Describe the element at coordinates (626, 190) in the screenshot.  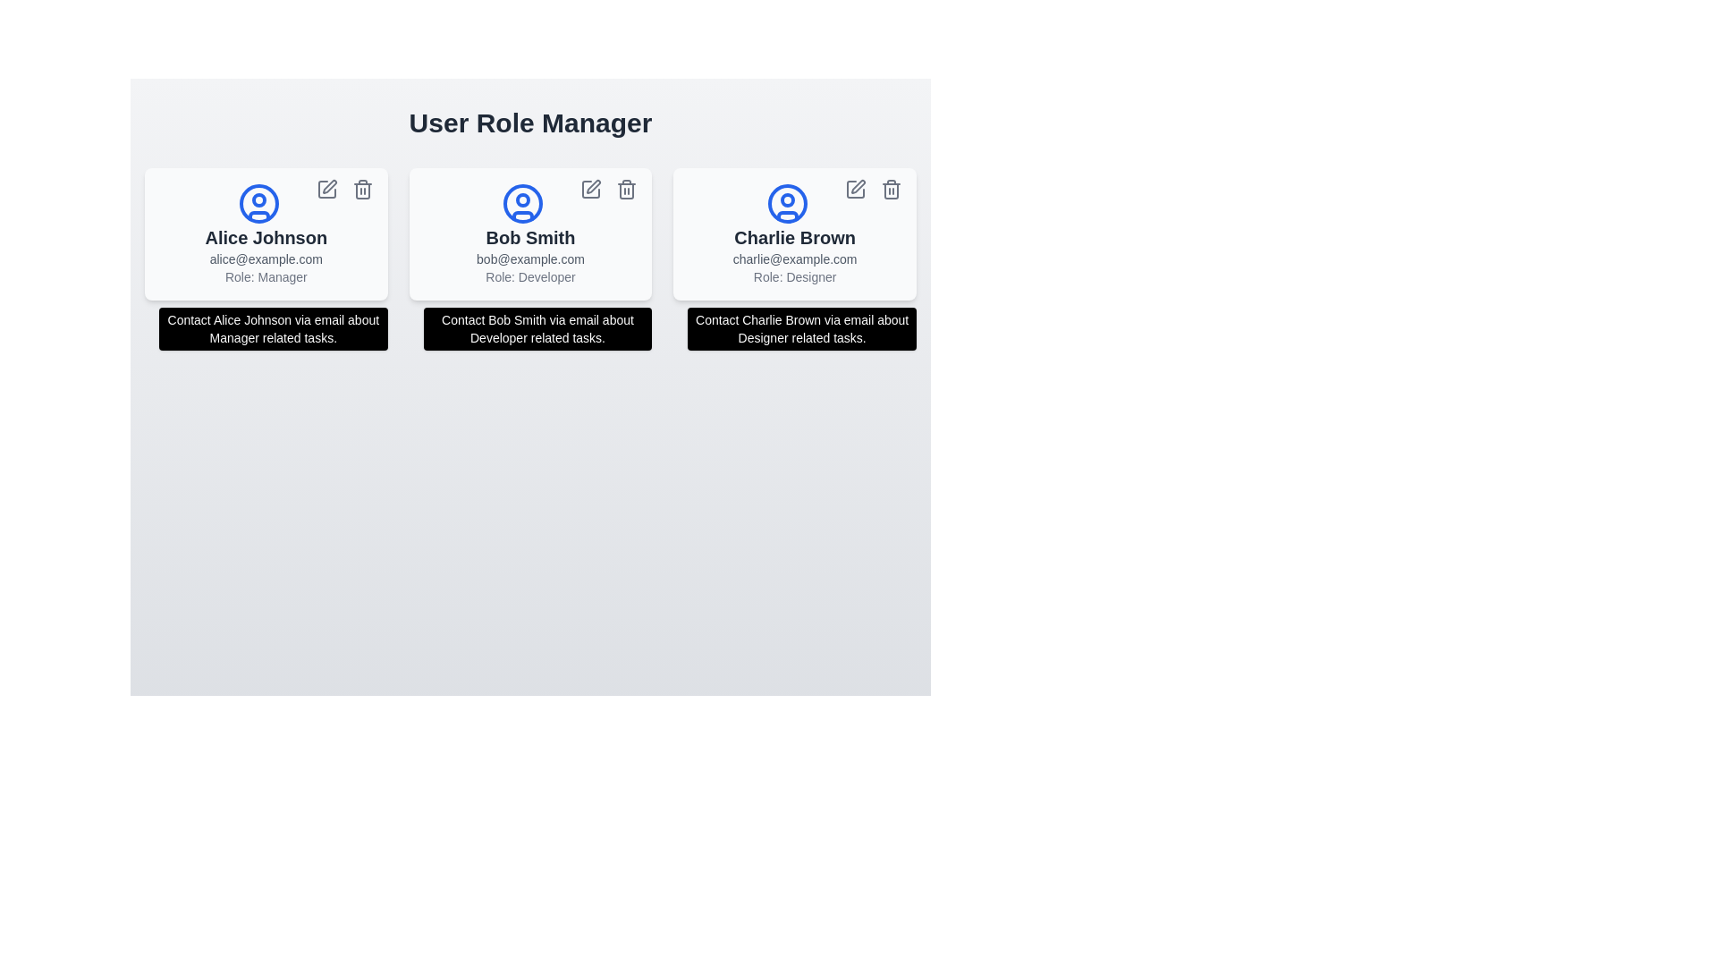
I see `the trash bin icon in the top-right corner of the card for 'Bob Smith' to initiate the delete action` at that location.